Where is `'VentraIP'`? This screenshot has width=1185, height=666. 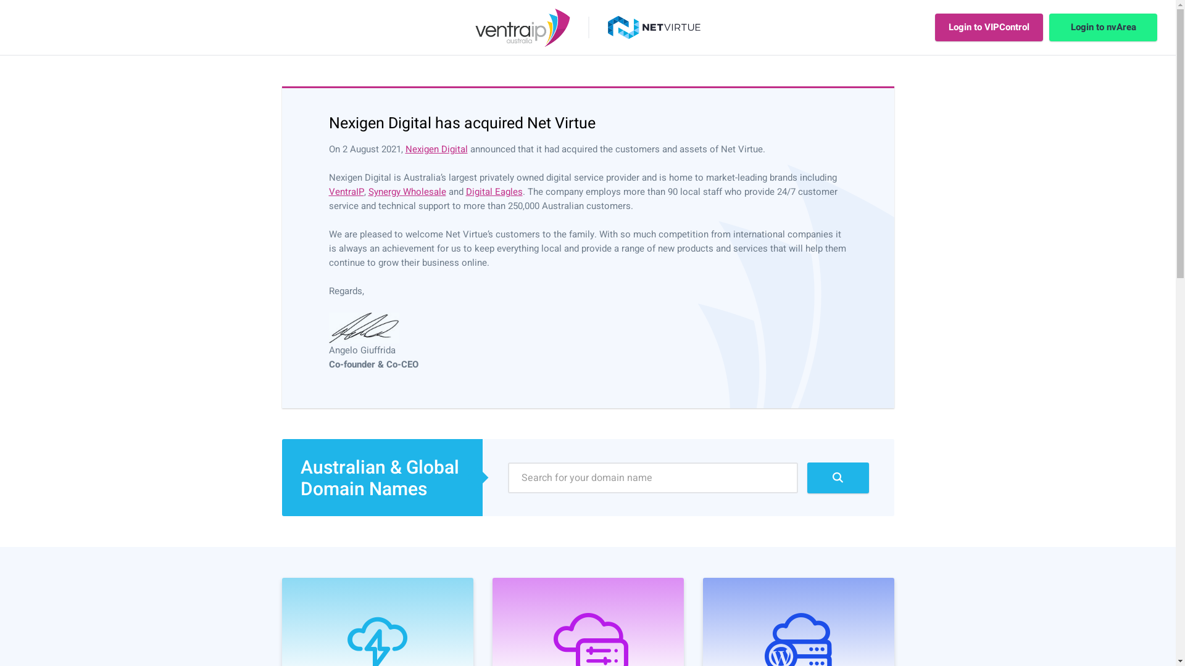 'VentraIP' is located at coordinates (328, 192).